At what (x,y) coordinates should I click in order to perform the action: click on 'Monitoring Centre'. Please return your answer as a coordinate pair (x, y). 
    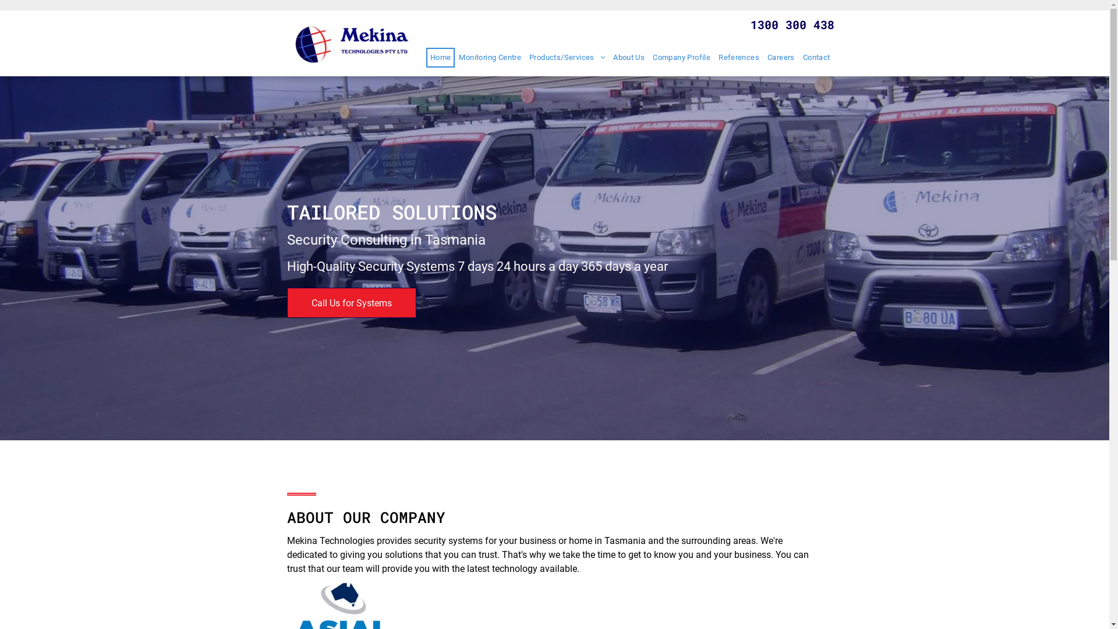
    Looking at the image, I should click on (490, 58).